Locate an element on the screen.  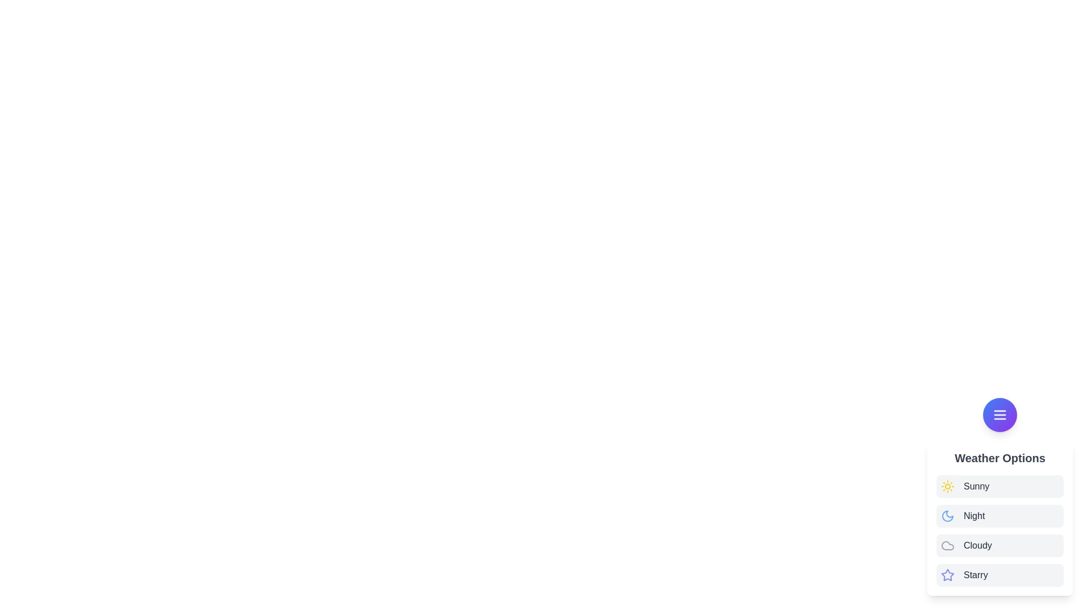
the icon of the weather option Sunny is located at coordinates (948, 486).